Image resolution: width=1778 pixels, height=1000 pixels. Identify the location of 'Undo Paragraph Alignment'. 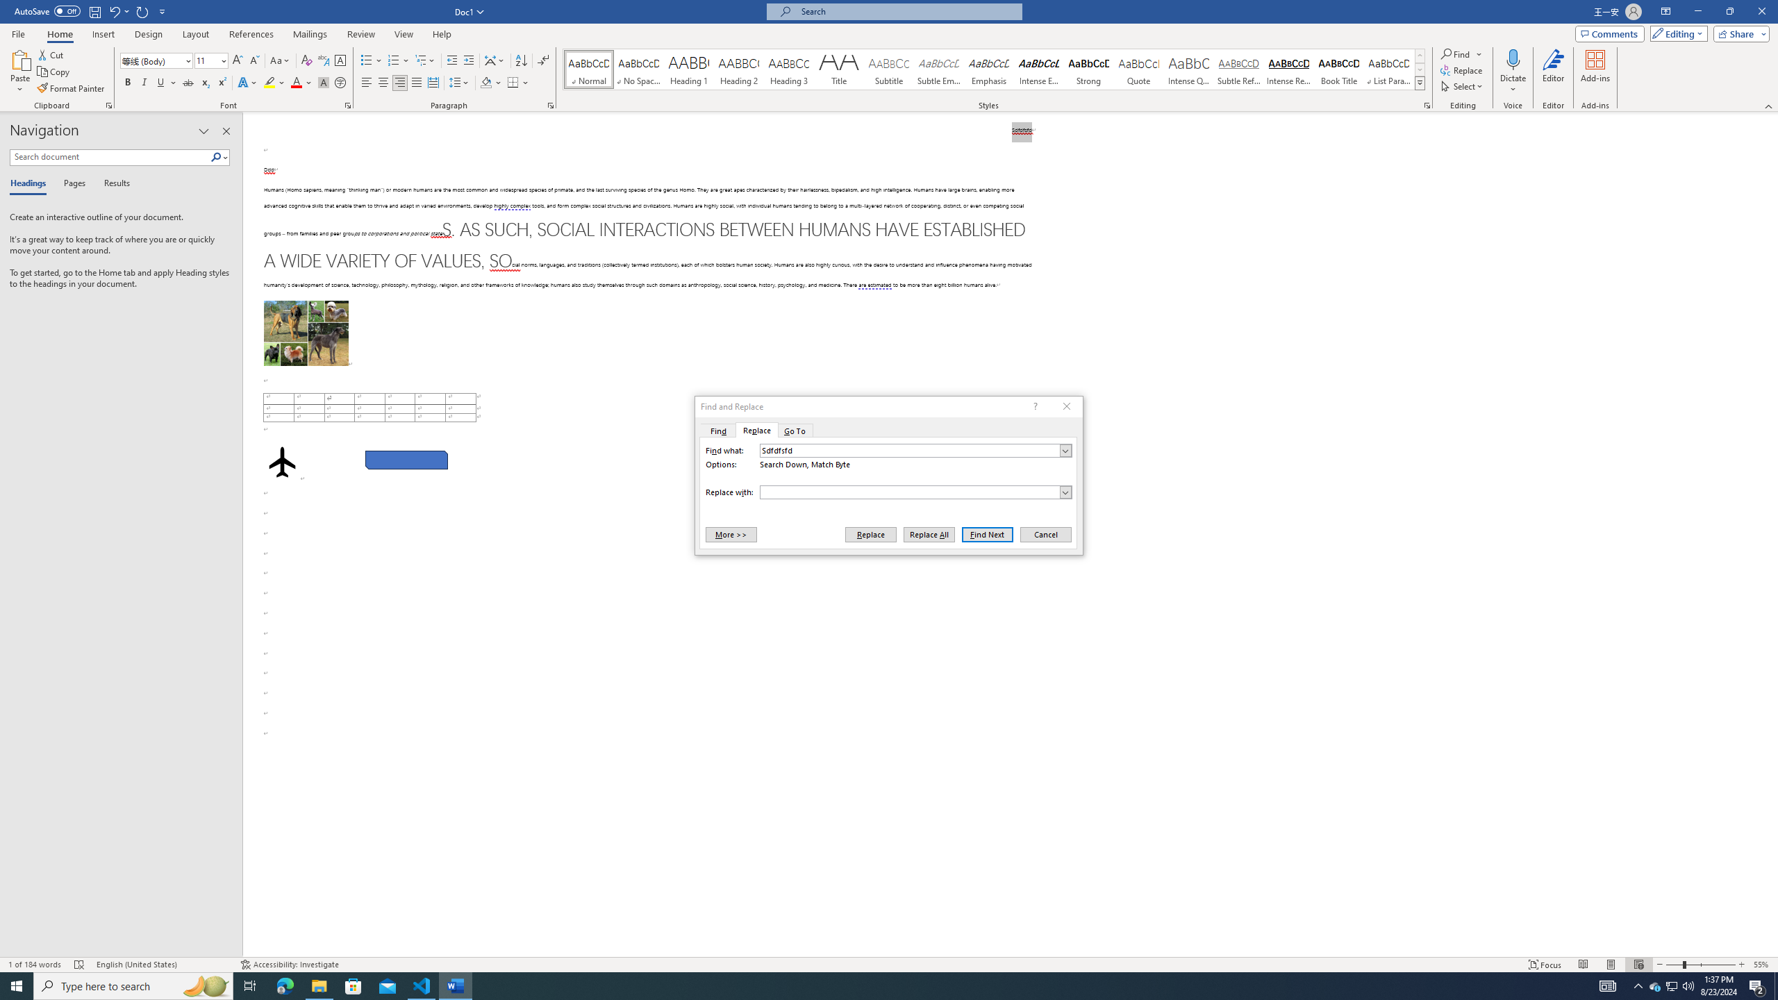
(113, 10).